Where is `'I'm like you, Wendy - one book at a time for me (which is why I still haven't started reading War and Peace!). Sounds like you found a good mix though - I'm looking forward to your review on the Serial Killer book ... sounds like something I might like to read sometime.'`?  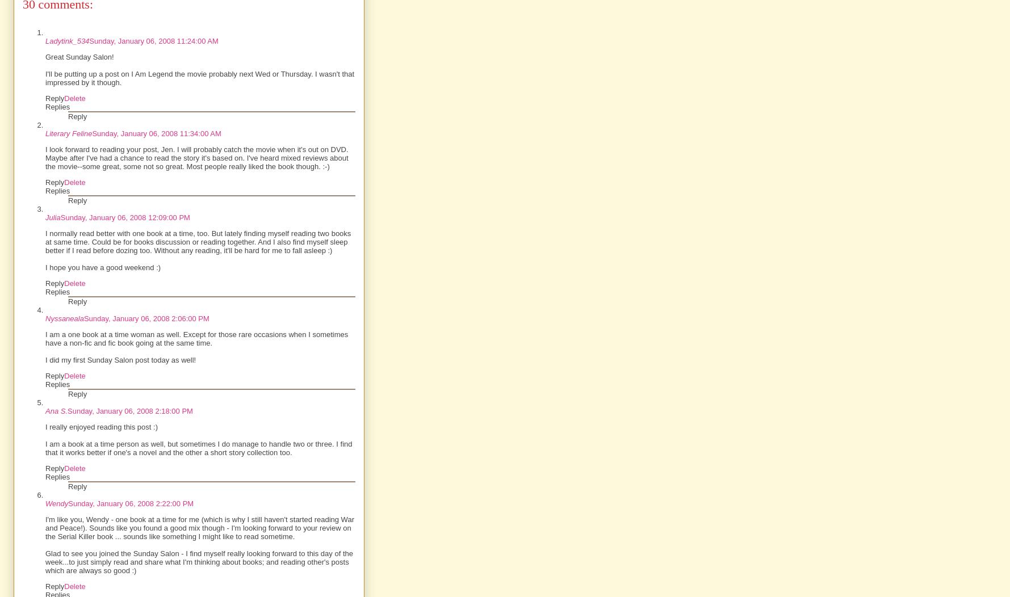
'I'm like you, Wendy - one book at a time for me (which is why I still haven't started reading War and Peace!). Sounds like you found a good mix though - I'm looking forward to your review on the Serial Killer book ... sounds like something I might like to read sometime.' is located at coordinates (199, 527).